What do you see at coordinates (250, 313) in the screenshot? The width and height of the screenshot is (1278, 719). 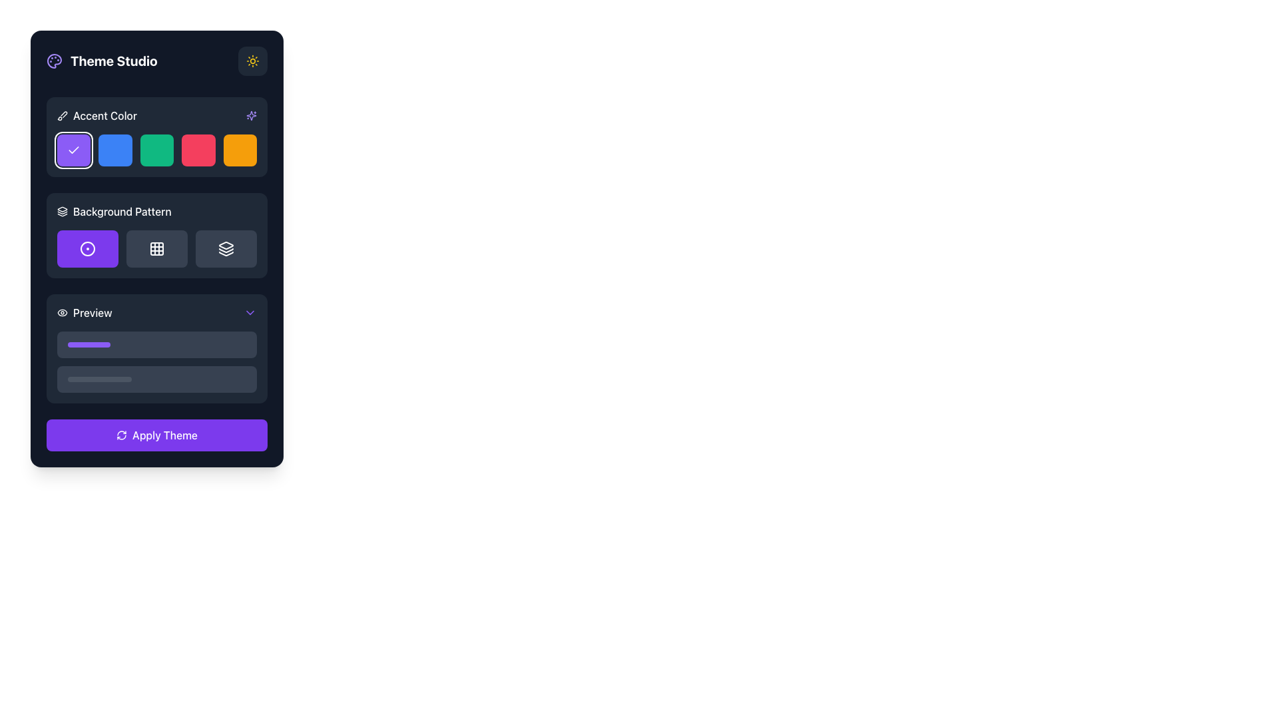 I see `the violet chevron icon located at the far right of the 'Preview' section in the panel` at bounding box center [250, 313].